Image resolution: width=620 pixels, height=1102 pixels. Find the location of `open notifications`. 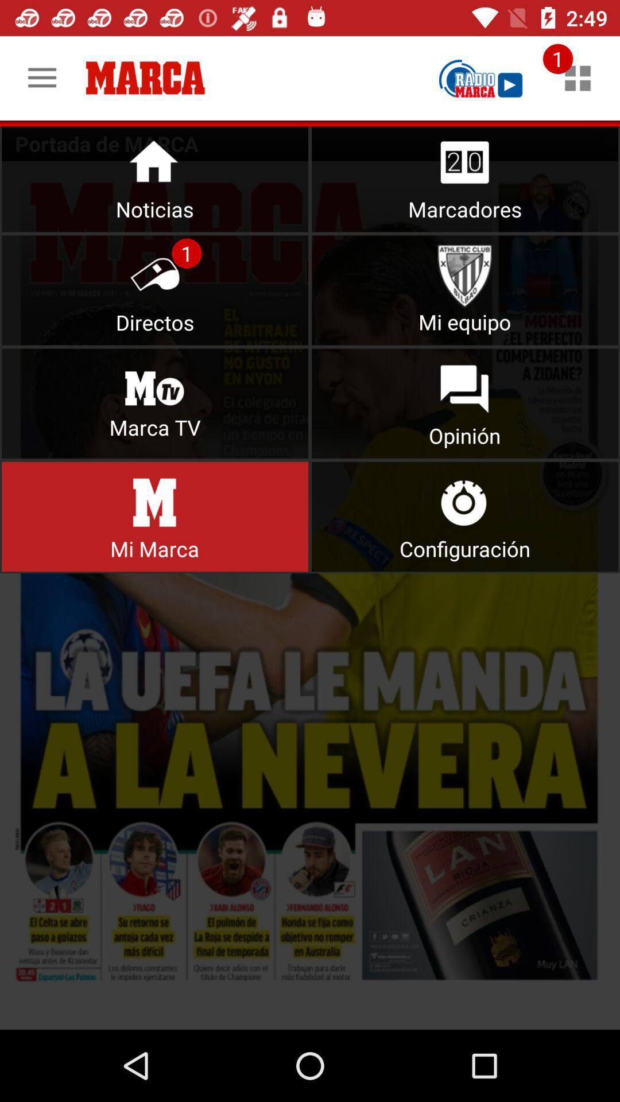

open notifications is located at coordinates (578, 77).